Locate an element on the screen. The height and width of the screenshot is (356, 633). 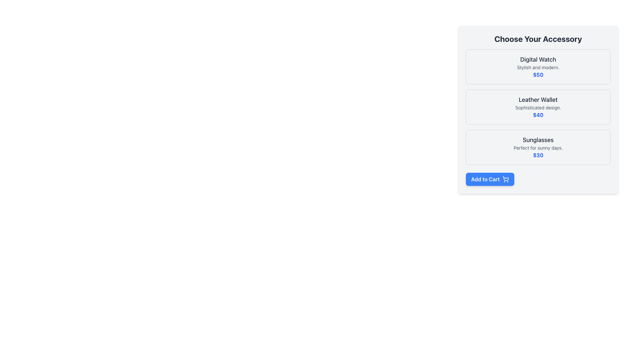
static text element displaying the price '$50', which is styled in bold and blue, located below the subtitle 'Stylish and modern.' of the 'Digital Watch' product option is located at coordinates (538, 74).